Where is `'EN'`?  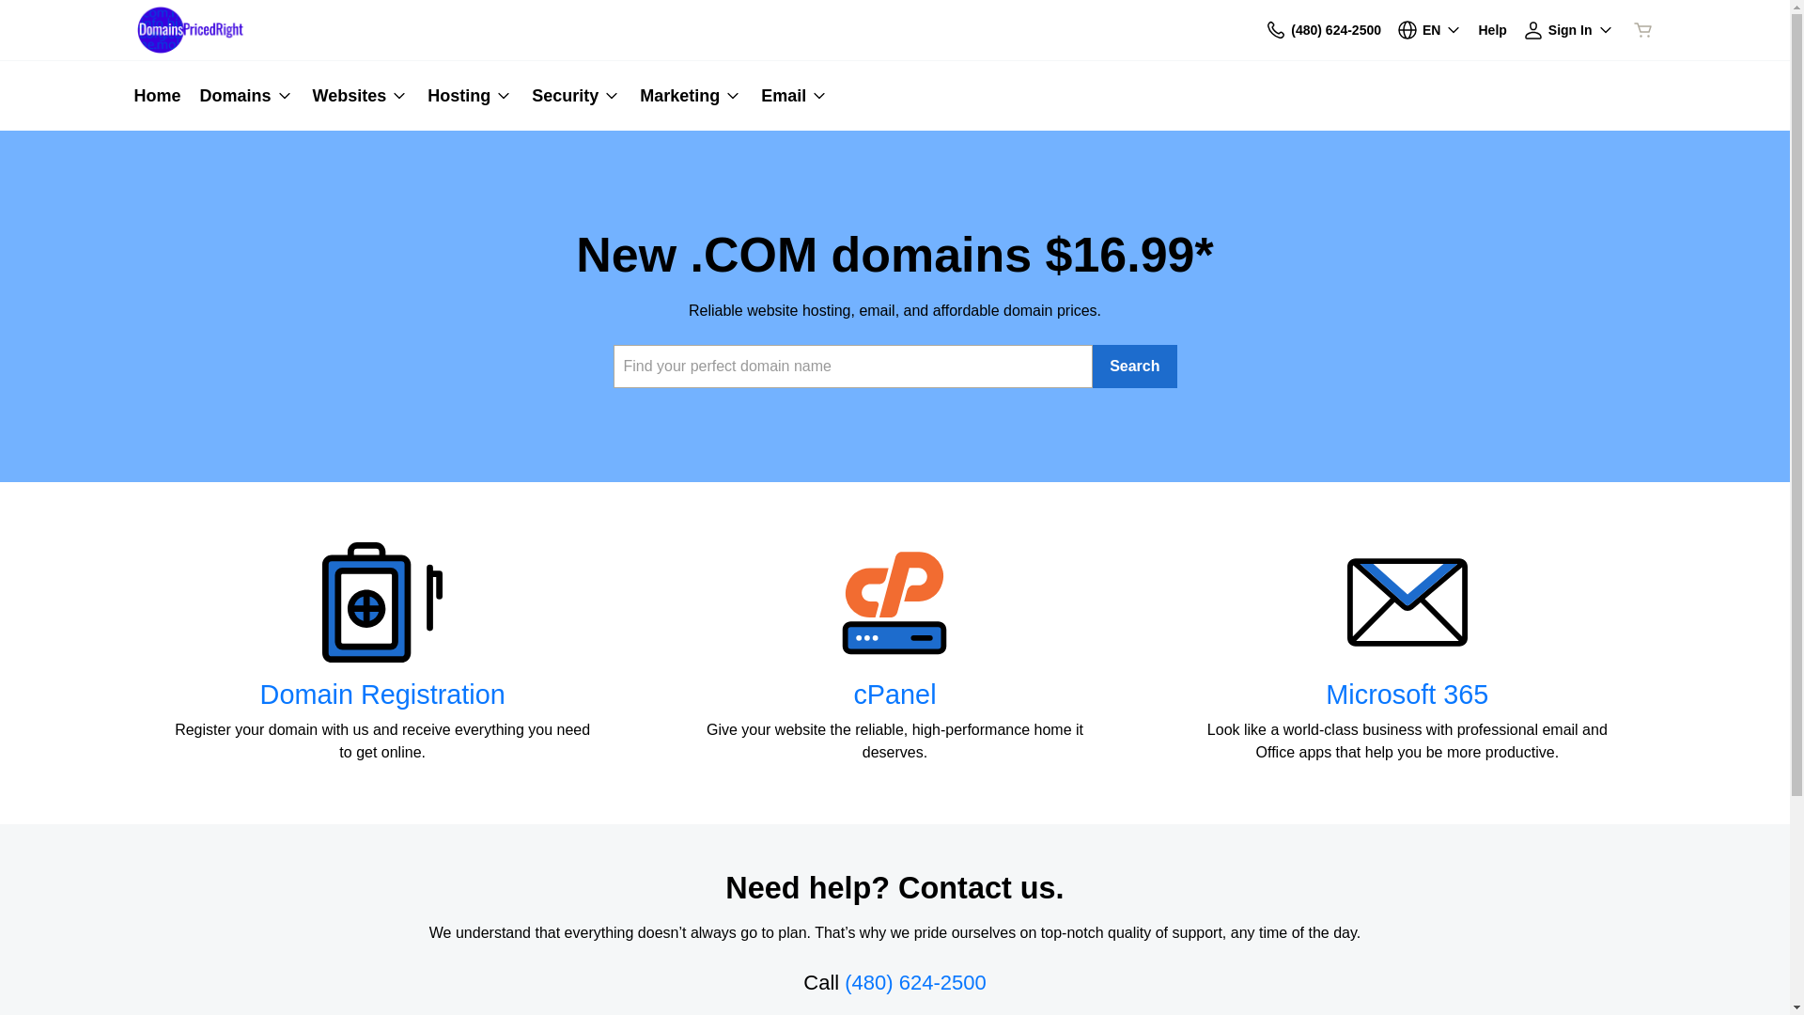 'EN' is located at coordinates (1428, 30).